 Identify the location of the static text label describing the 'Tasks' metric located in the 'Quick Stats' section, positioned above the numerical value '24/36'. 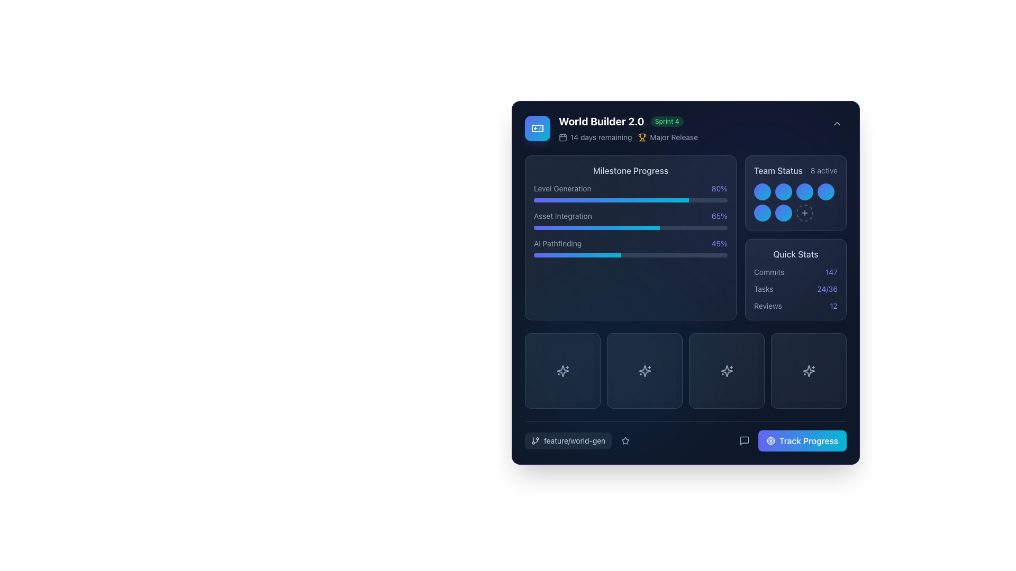
(764, 289).